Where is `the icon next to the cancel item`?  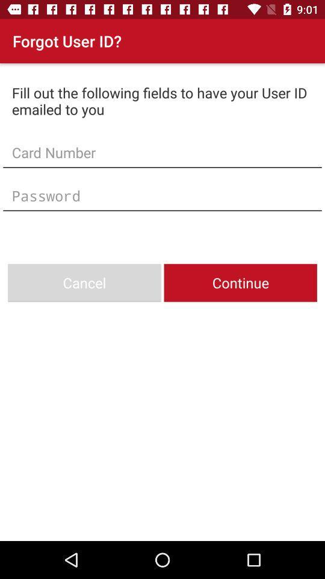
the icon next to the cancel item is located at coordinates (240, 283).